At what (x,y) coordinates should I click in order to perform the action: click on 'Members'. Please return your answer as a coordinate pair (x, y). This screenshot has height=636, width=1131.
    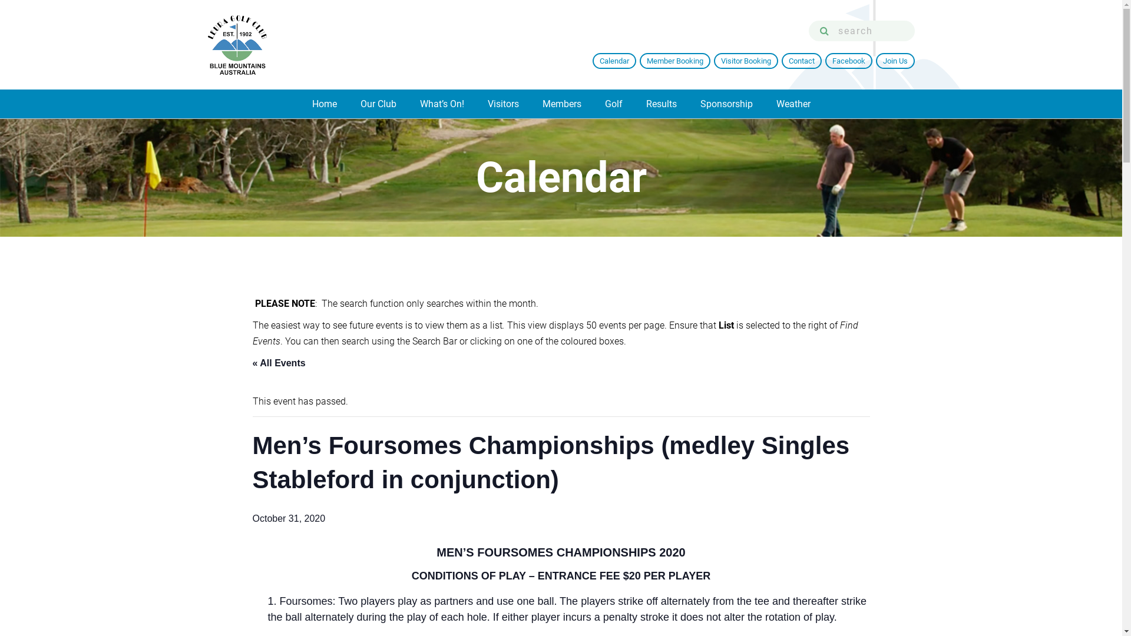
    Looking at the image, I should click on (561, 103).